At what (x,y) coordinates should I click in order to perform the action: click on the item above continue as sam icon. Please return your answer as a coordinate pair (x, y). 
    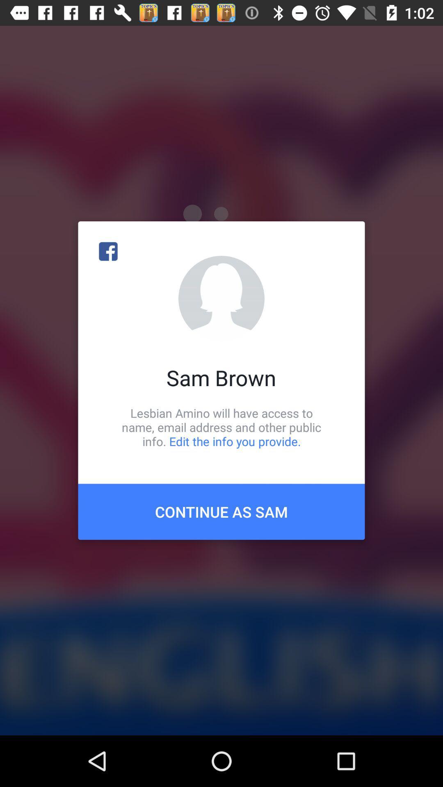
    Looking at the image, I should click on (221, 427).